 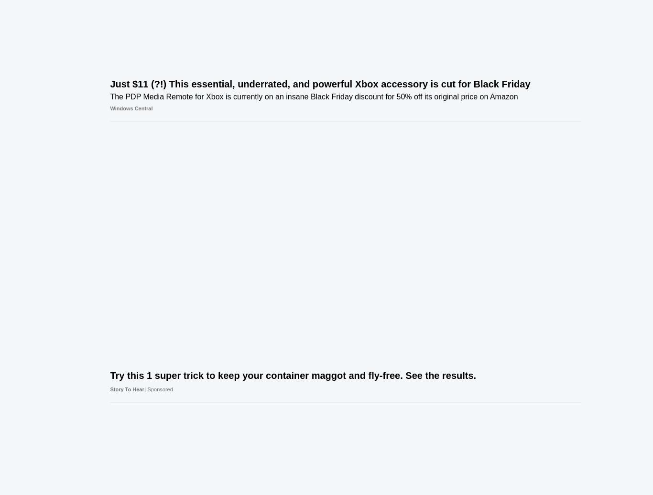 I want to click on 'OneDrive is about to get one of its biggest updates ever, and it's all about the web and AI', so click(x=271, y=88).